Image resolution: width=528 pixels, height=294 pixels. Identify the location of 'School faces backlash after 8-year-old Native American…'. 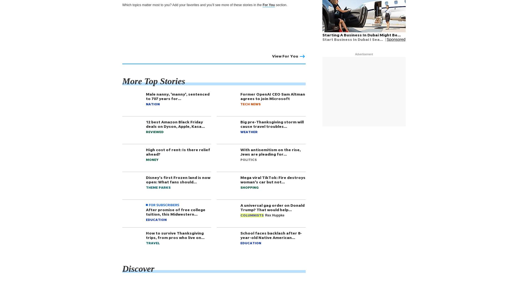
(271, 235).